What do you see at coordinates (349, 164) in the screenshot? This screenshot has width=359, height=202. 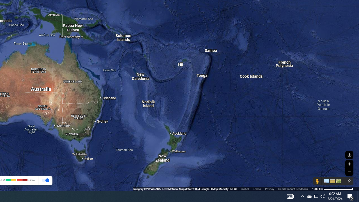 I see `'Zoom in'` at bounding box center [349, 164].